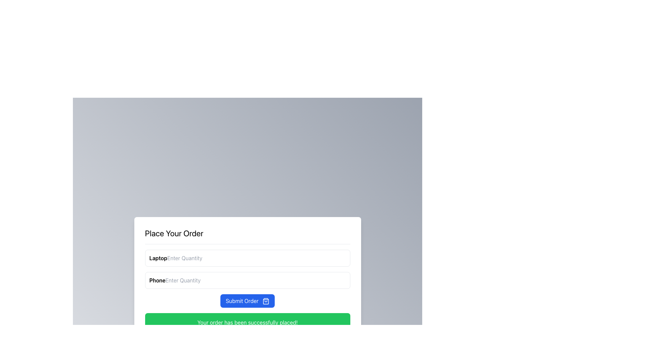 The height and width of the screenshot is (364, 648). What do you see at coordinates (266, 301) in the screenshot?
I see `the shopping bag icon located to the right of the text within the 'Submit Order' button, which serves as a visual indicator for order submission` at bounding box center [266, 301].